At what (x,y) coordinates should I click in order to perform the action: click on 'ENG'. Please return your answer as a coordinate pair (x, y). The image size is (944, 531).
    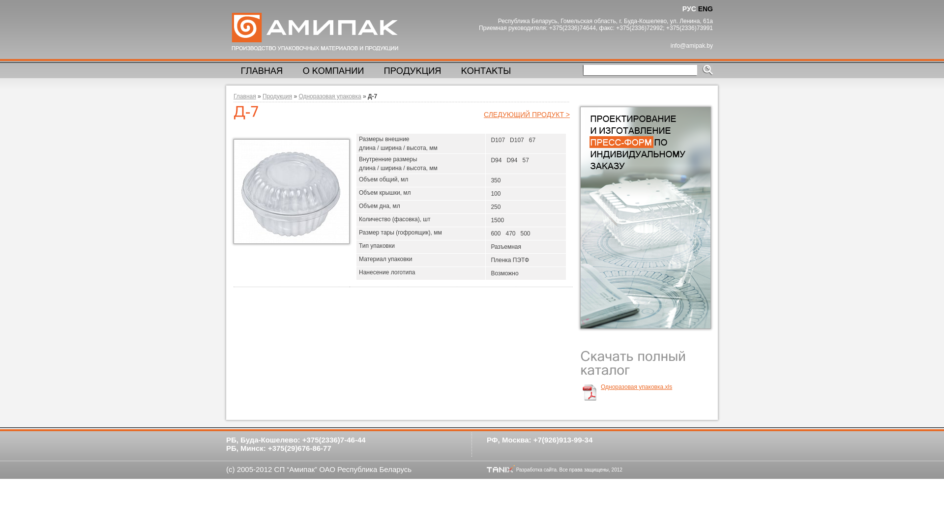
    Looking at the image, I should click on (705, 9).